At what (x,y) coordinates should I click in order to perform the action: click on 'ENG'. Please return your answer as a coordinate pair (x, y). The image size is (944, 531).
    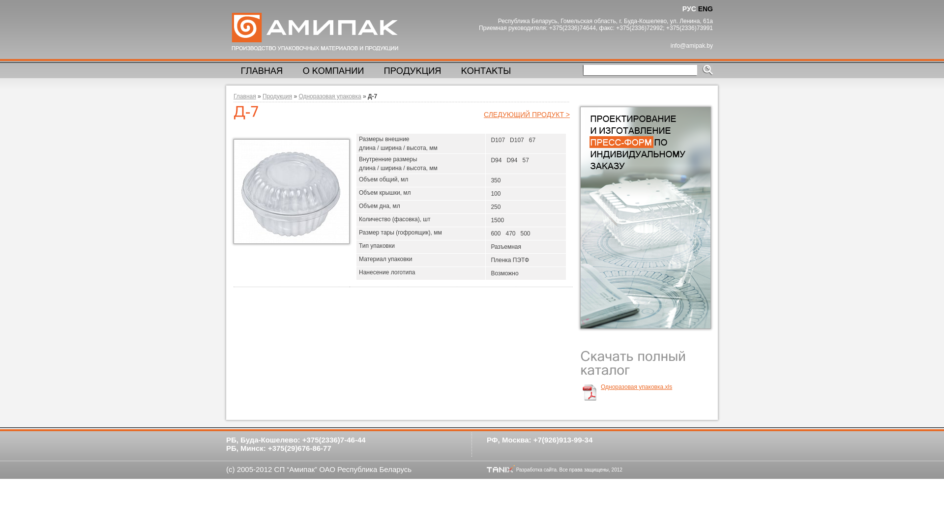
    Looking at the image, I should click on (705, 9).